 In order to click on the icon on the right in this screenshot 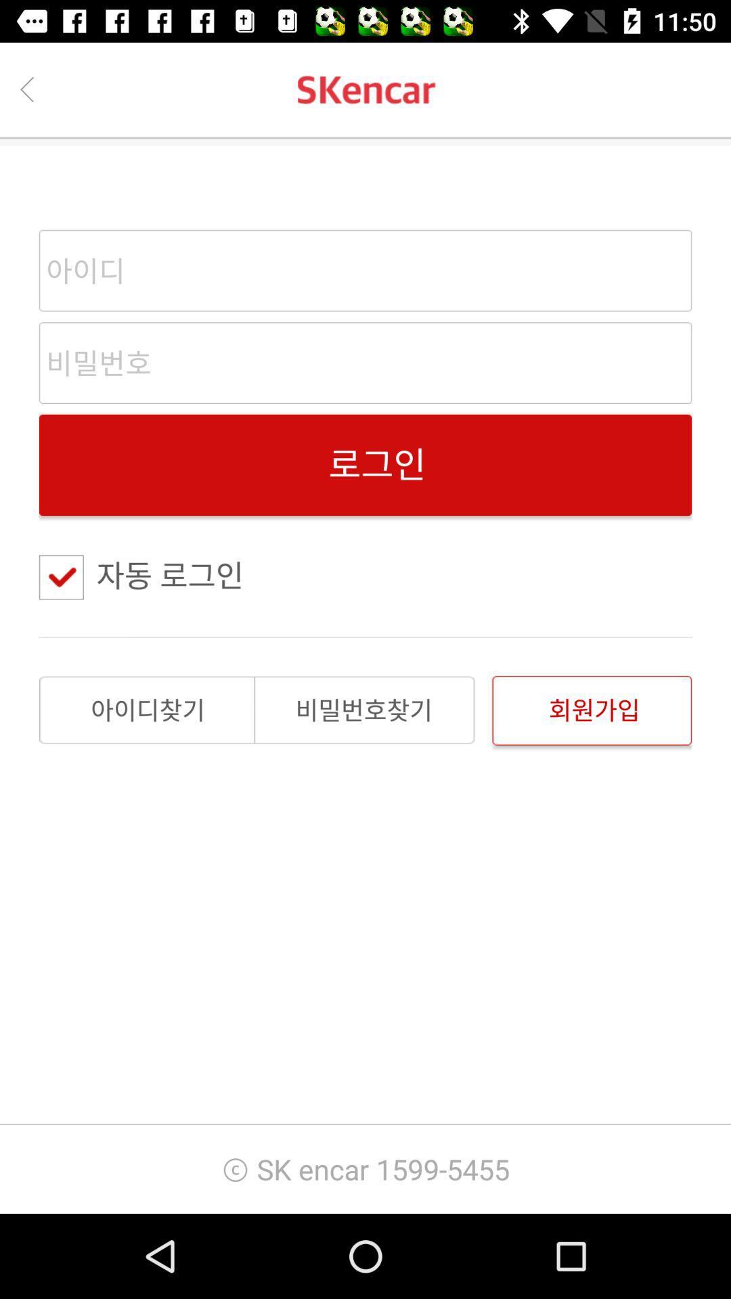, I will do `click(591, 710)`.